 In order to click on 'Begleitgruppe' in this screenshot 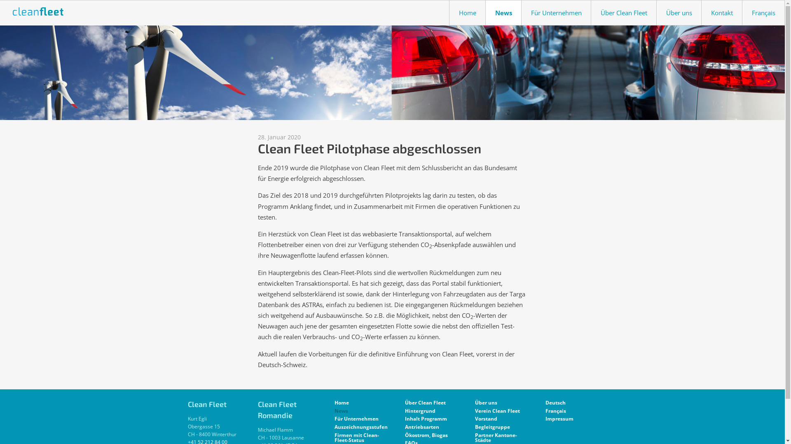, I will do `click(497, 426)`.